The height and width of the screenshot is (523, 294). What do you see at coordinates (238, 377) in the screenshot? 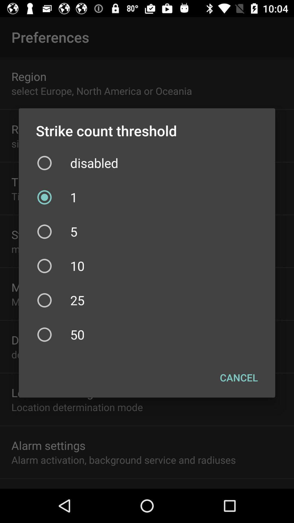
I see `checkbox below the 50 item` at bounding box center [238, 377].